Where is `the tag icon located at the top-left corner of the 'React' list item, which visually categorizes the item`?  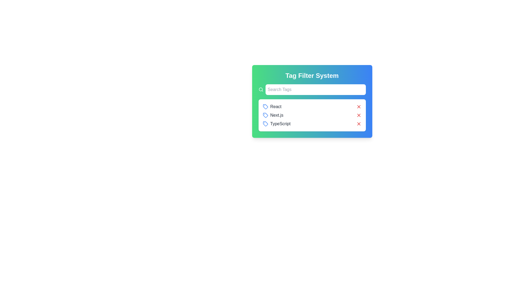
the tag icon located at the top-left corner of the 'React' list item, which visually categorizes the item is located at coordinates (265, 107).